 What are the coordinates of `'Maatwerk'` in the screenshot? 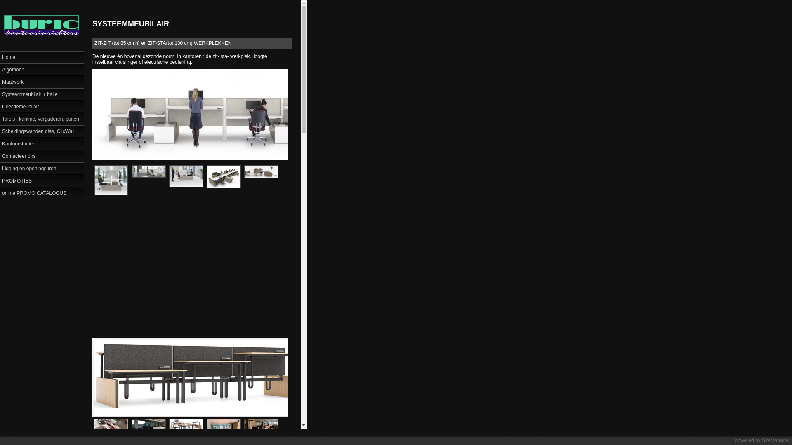 It's located at (0, 81).